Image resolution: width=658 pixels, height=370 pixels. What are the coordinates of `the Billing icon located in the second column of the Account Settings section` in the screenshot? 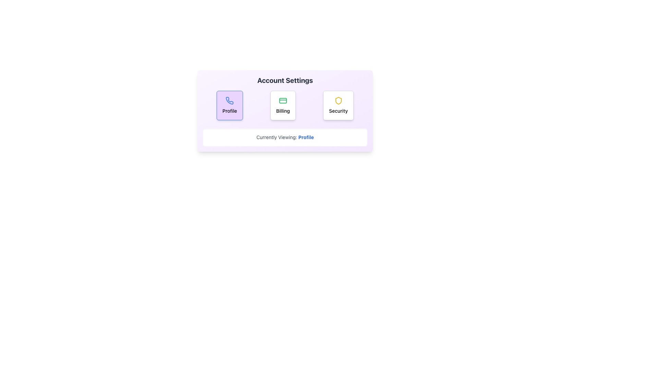 It's located at (283, 100).